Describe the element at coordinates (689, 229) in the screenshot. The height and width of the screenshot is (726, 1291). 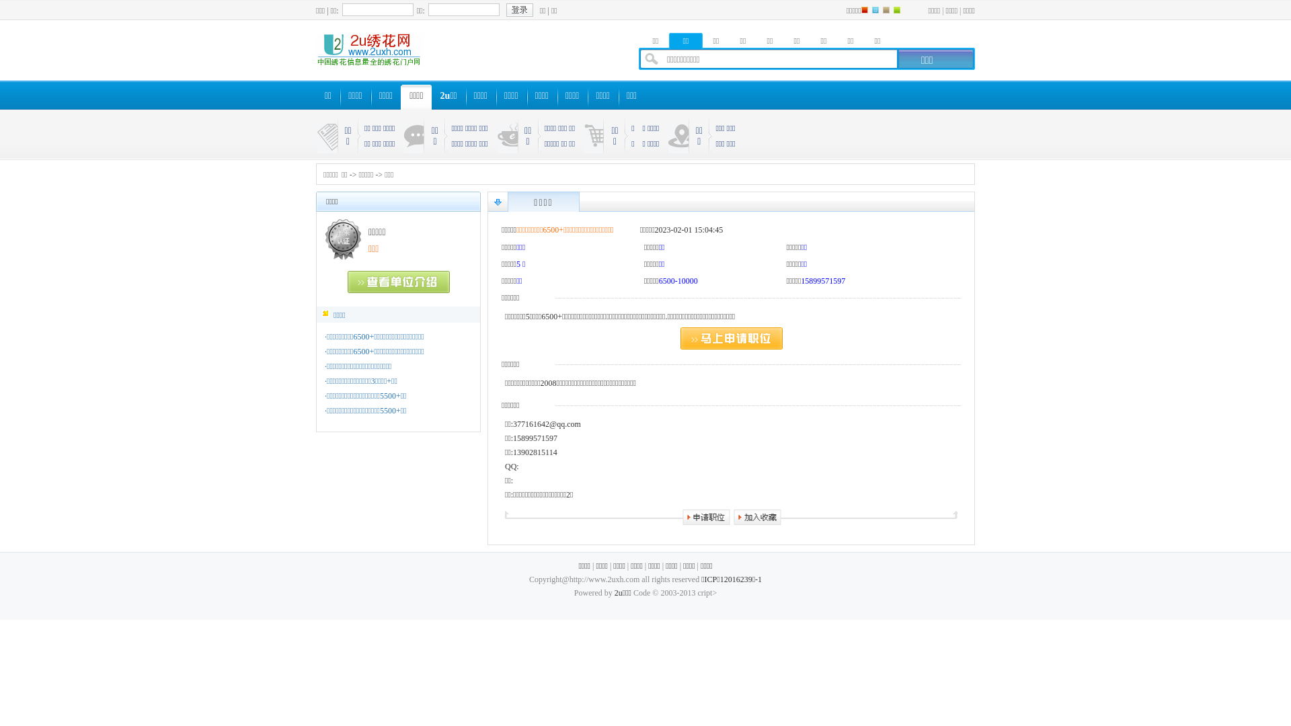
I see `'2023-02-01 15:04:45'` at that location.